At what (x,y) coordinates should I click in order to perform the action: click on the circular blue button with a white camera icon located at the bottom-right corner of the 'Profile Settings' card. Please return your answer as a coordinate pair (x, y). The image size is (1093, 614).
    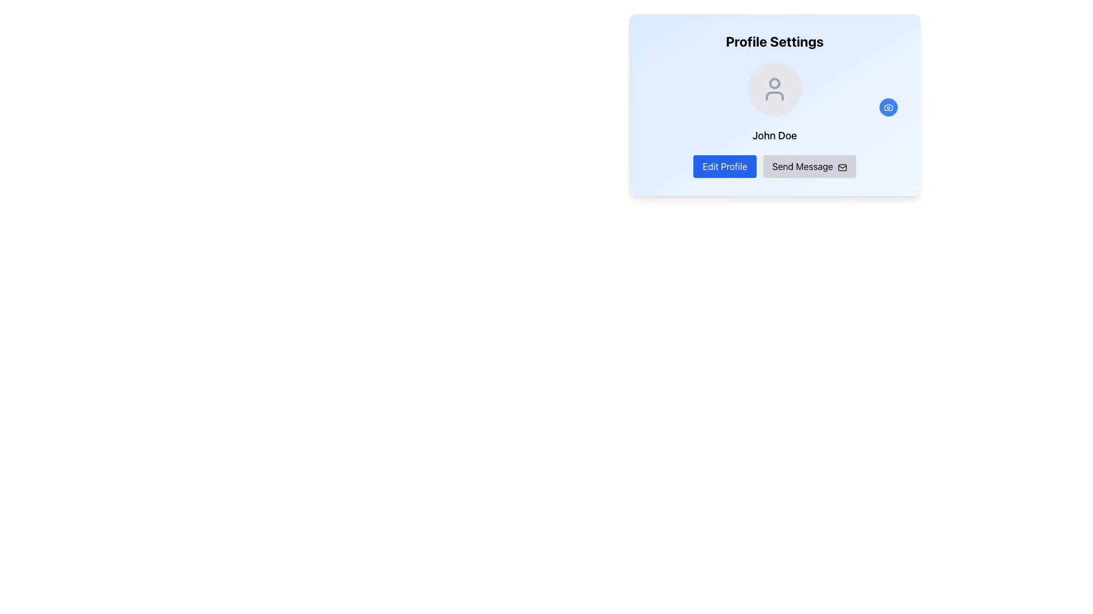
    Looking at the image, I should click on (887, 107).